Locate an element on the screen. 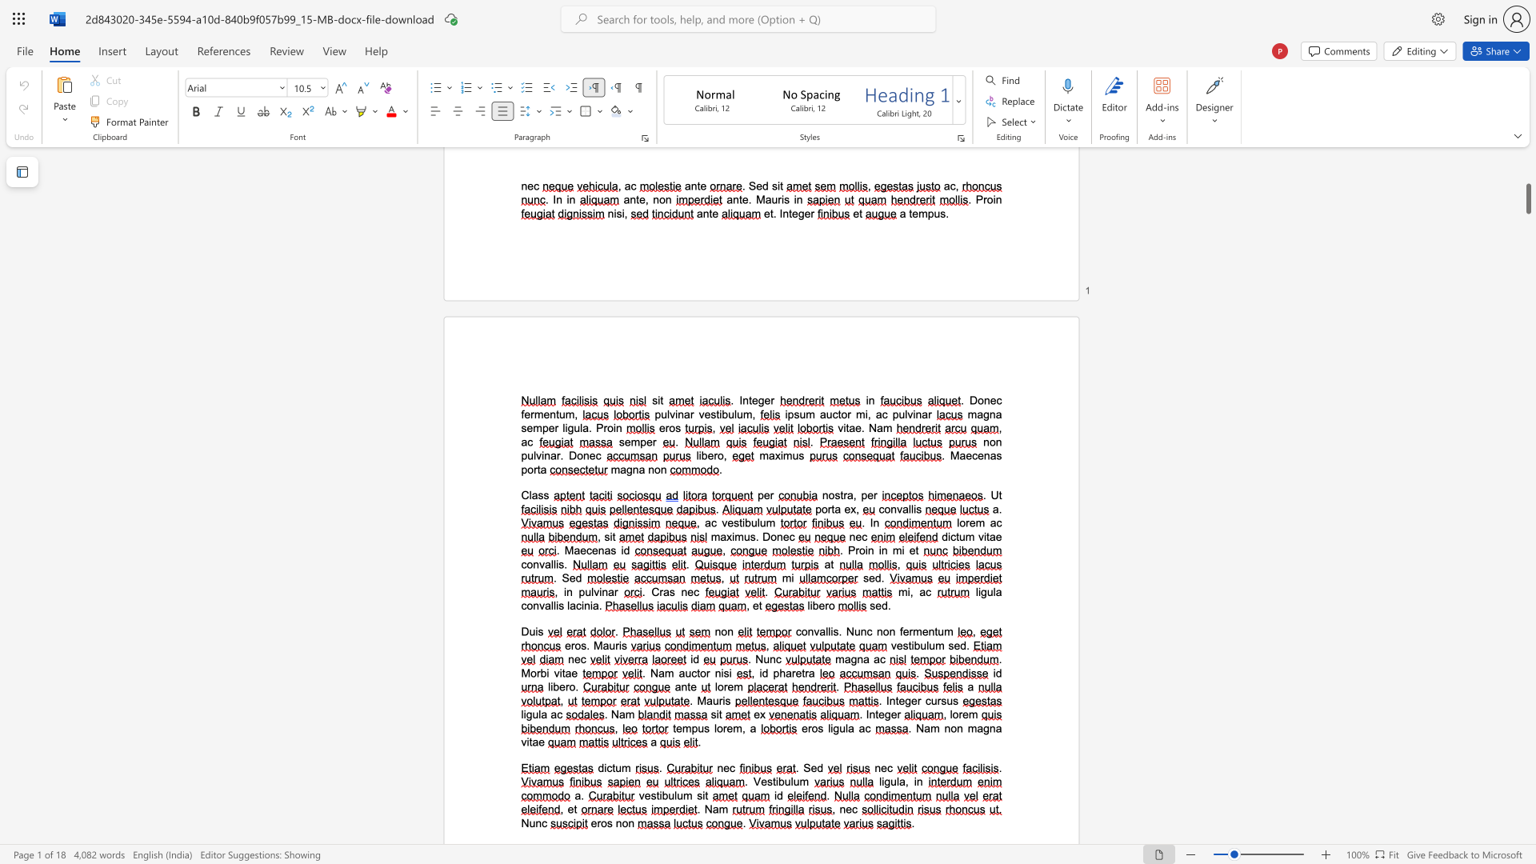  the 2th character "a" in the text is located at coordinates (682, 673).